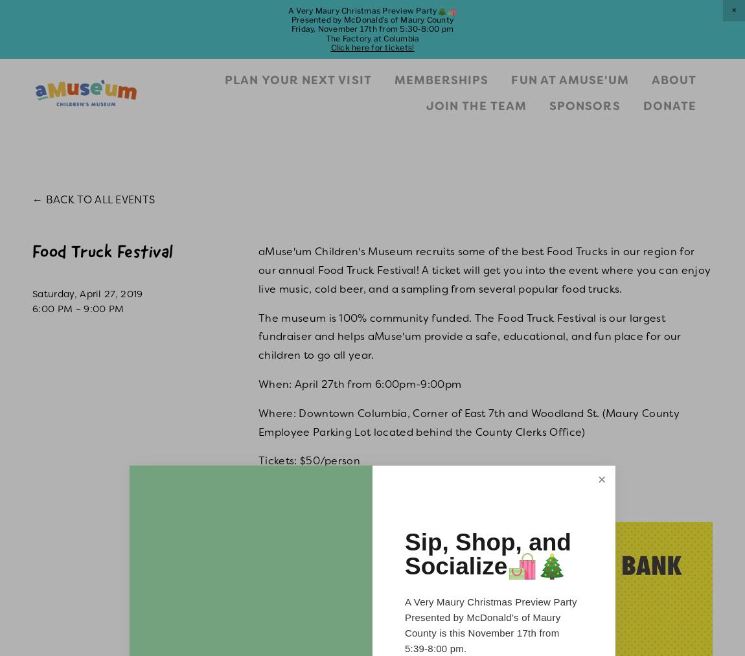 Image resolution: width=745 pixels, height=656 pixels. Describe the element at coordinates (45, 199) in the screenshot. I see `'Back to All Events'` at that location.